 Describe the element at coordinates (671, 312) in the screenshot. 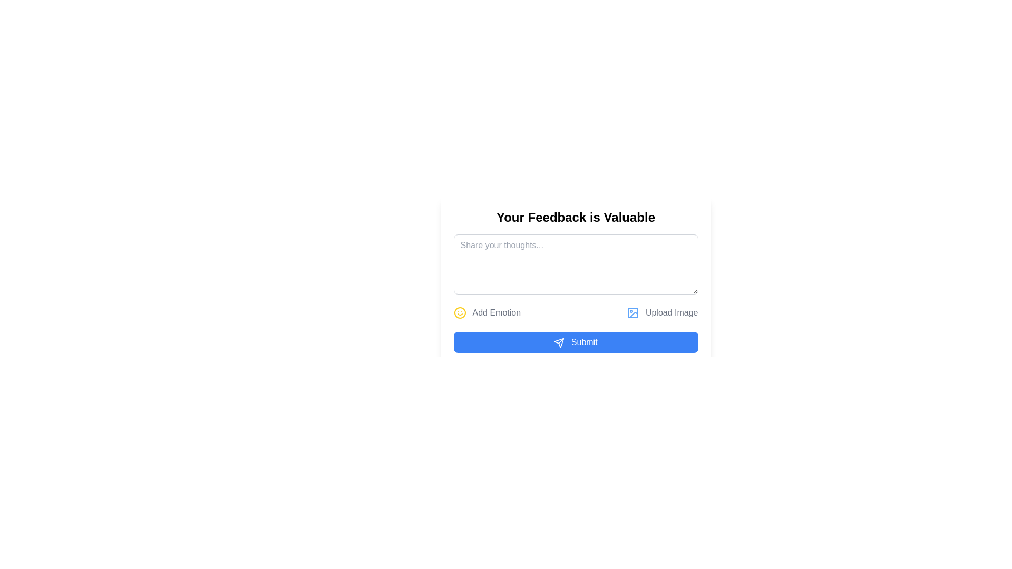

I see `the adjacent icon next to the 'Upload Image' label, which is positioned slightly above the center-bottom of the interface` at that location.